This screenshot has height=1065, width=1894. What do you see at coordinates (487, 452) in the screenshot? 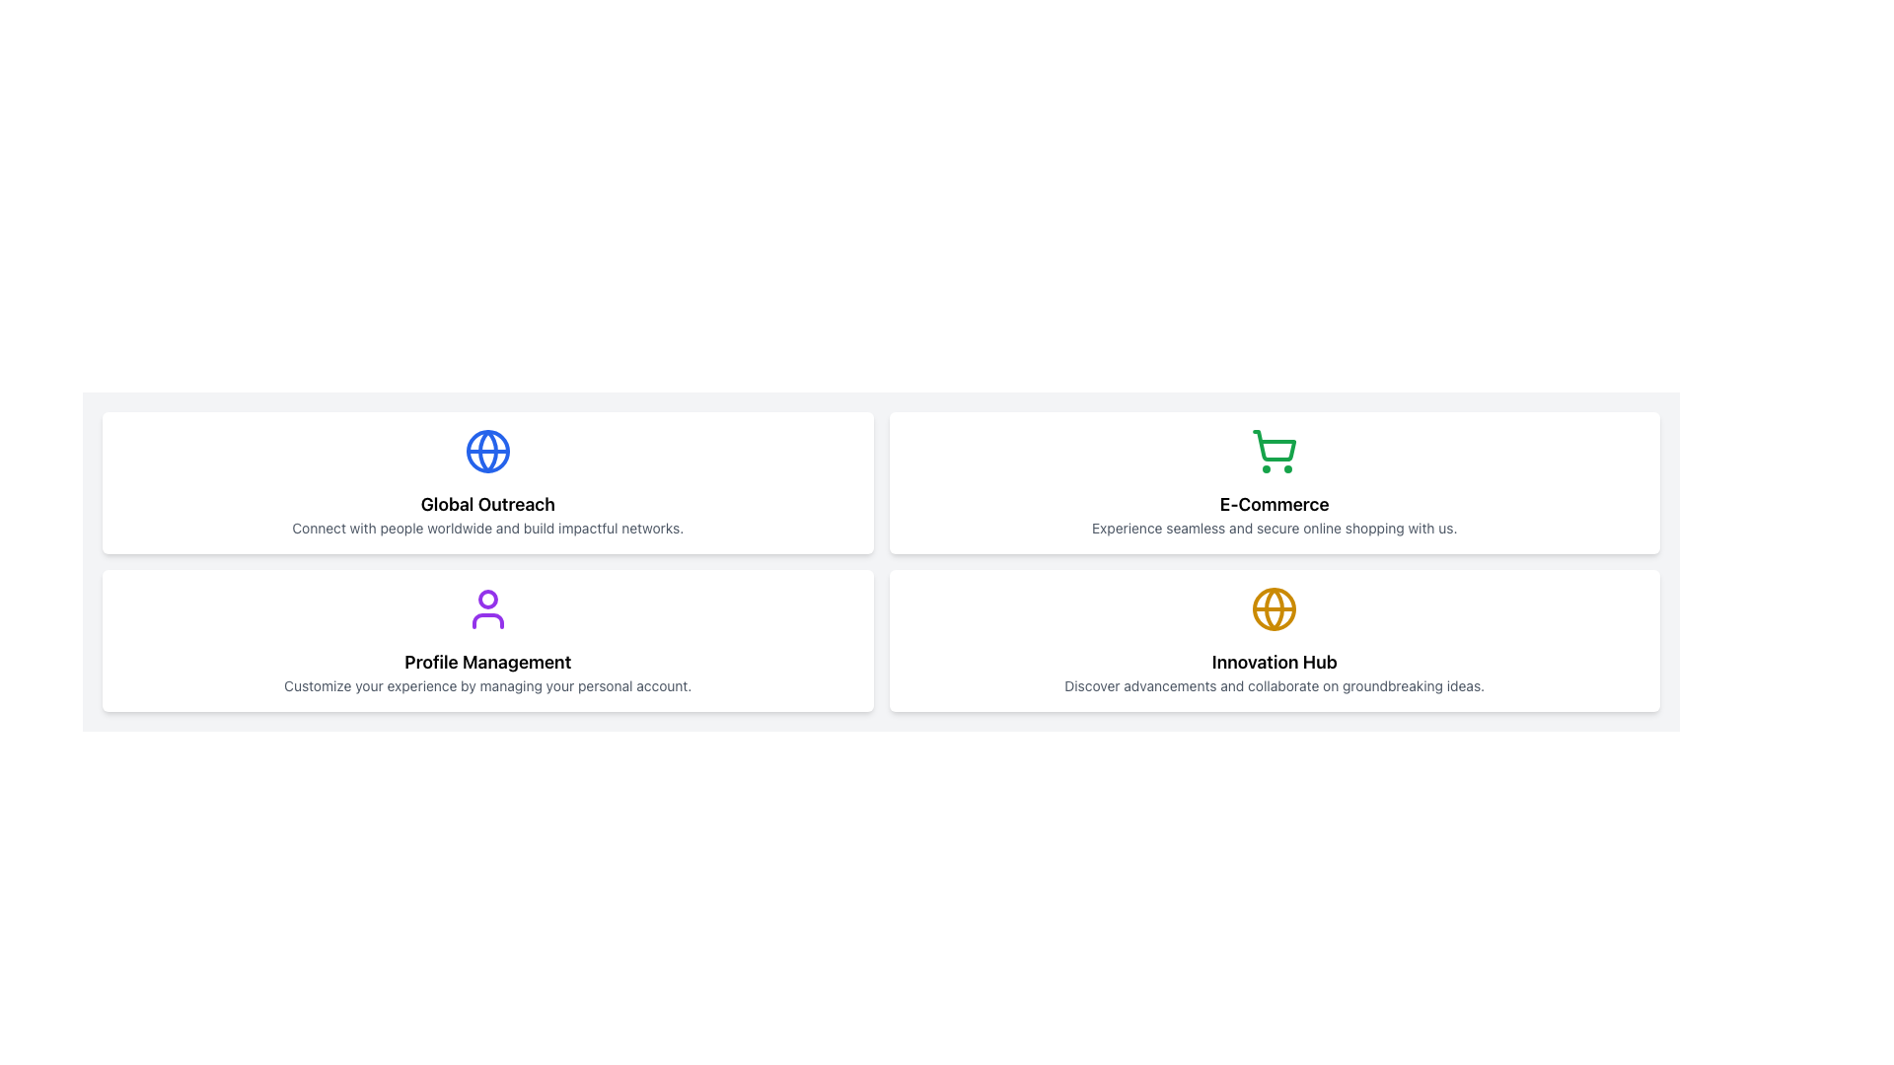
I see `the 'Global Outreach' icon` at bounding box center [487, 452].